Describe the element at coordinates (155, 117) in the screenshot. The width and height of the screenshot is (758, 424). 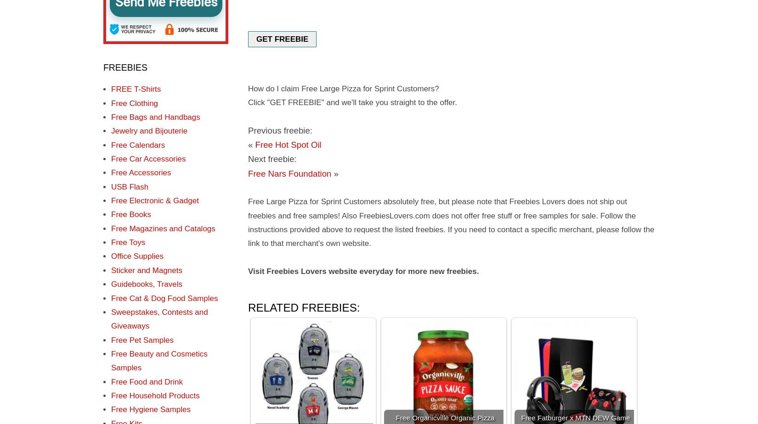
I see `'Free Bags and Handbags'` at that location.